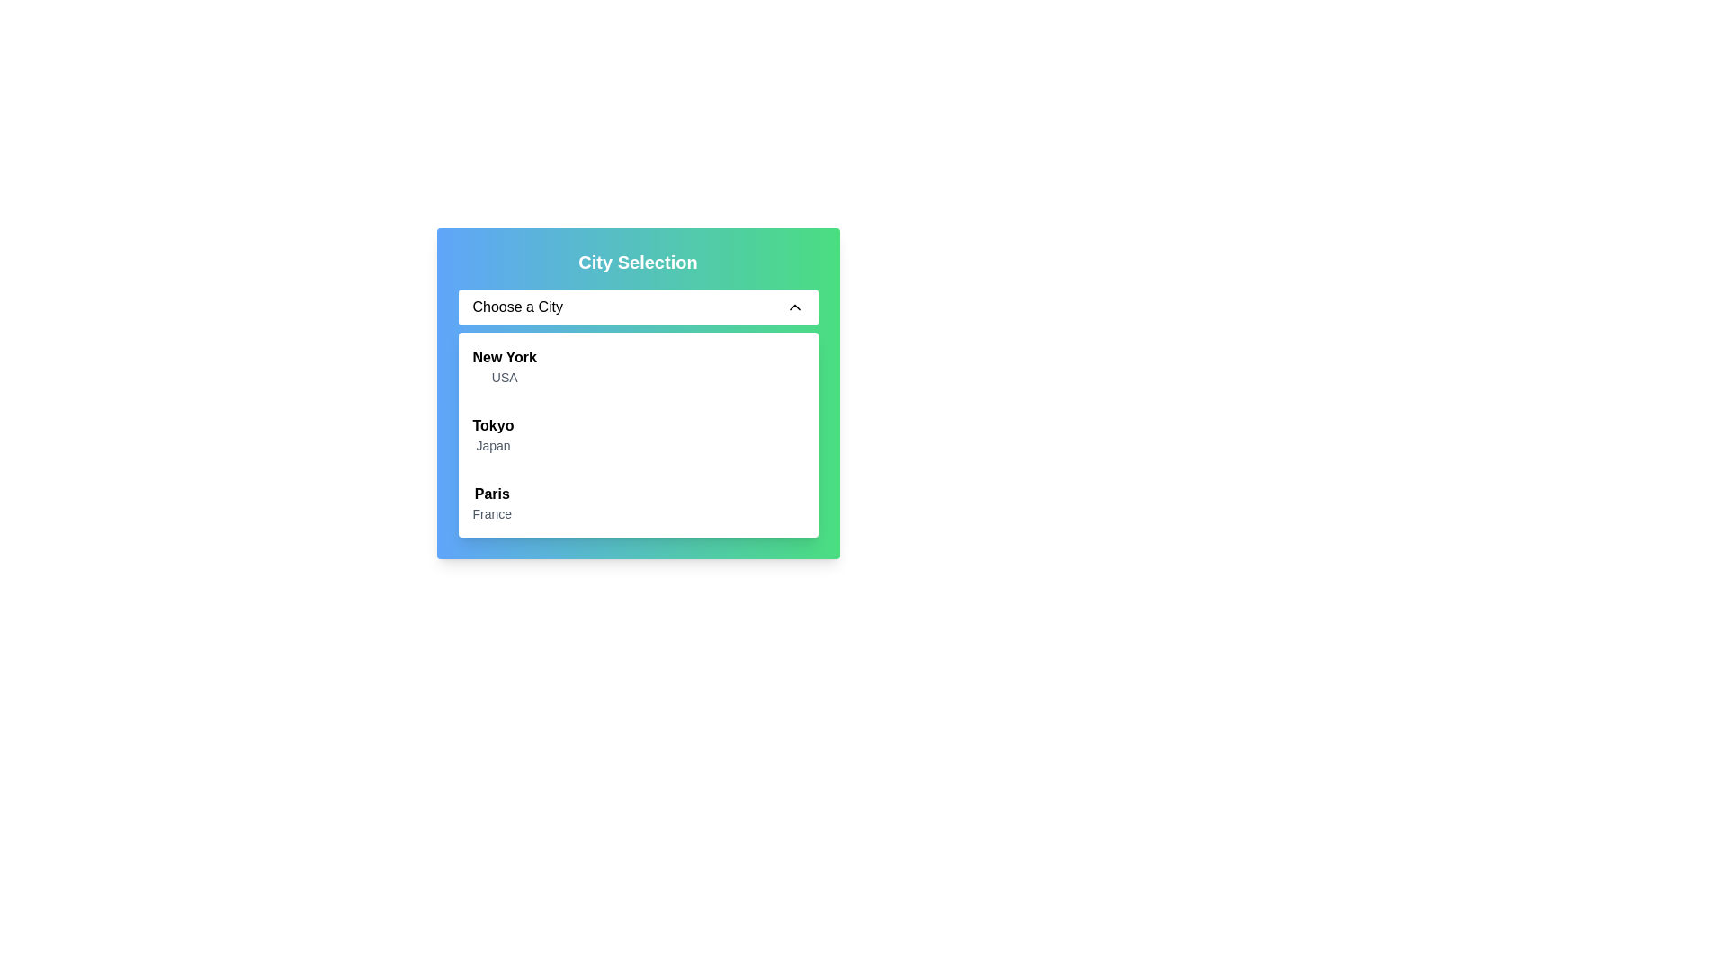  Describe the element at coordinates (492, 494) in the screenshot. I see `the text label displaying 'Paris' in the city selection dropdown list, which is positioned above the sibling element containing 'France'` at that location.